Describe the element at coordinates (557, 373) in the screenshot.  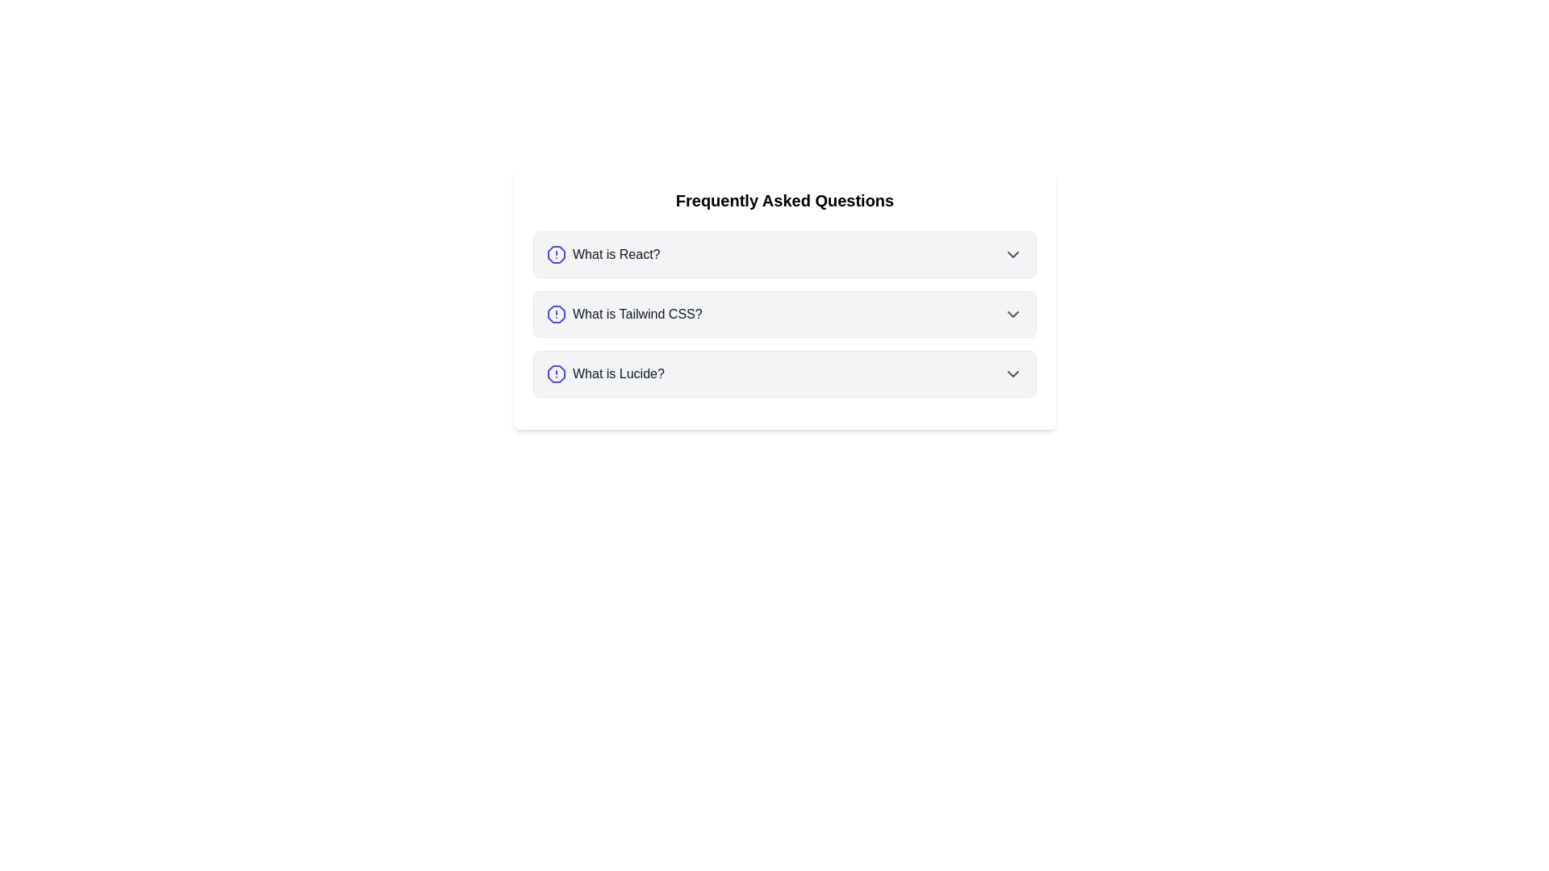
I see `the compact octagon icon with a blue outline and an alert symbol, located within the 'What is Lucide?' entry of the FAQ section` at that location.